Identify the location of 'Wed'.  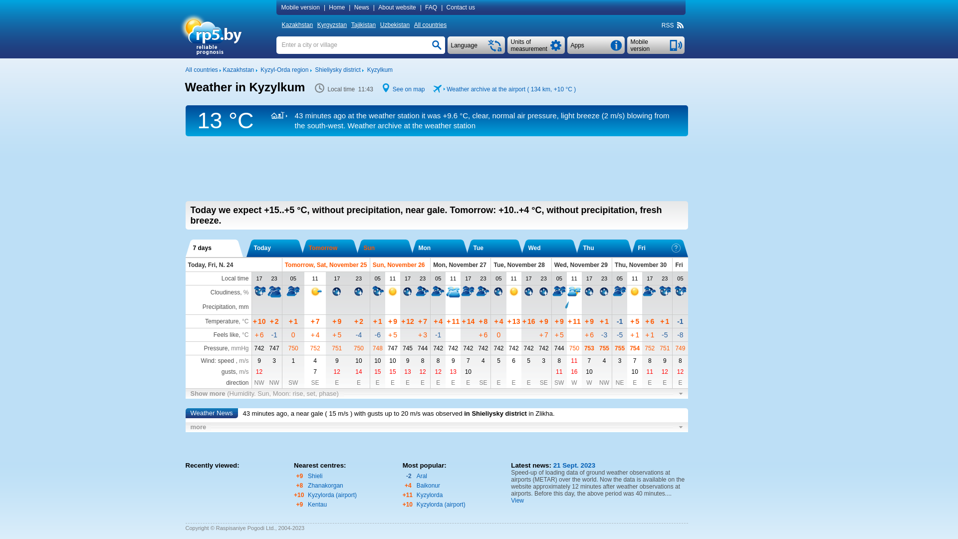
(548, 248).